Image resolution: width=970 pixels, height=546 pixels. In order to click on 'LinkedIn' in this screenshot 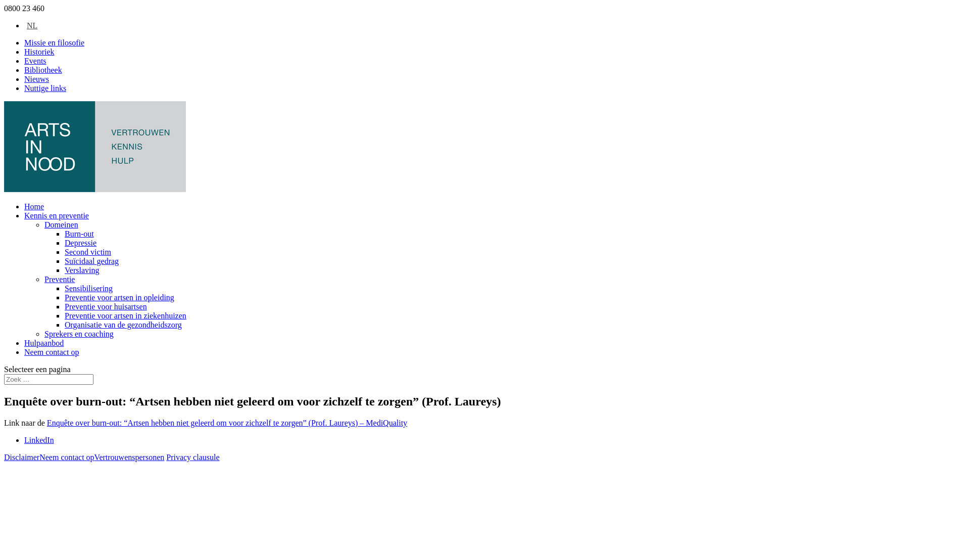, I will do `click(39, 439)`.